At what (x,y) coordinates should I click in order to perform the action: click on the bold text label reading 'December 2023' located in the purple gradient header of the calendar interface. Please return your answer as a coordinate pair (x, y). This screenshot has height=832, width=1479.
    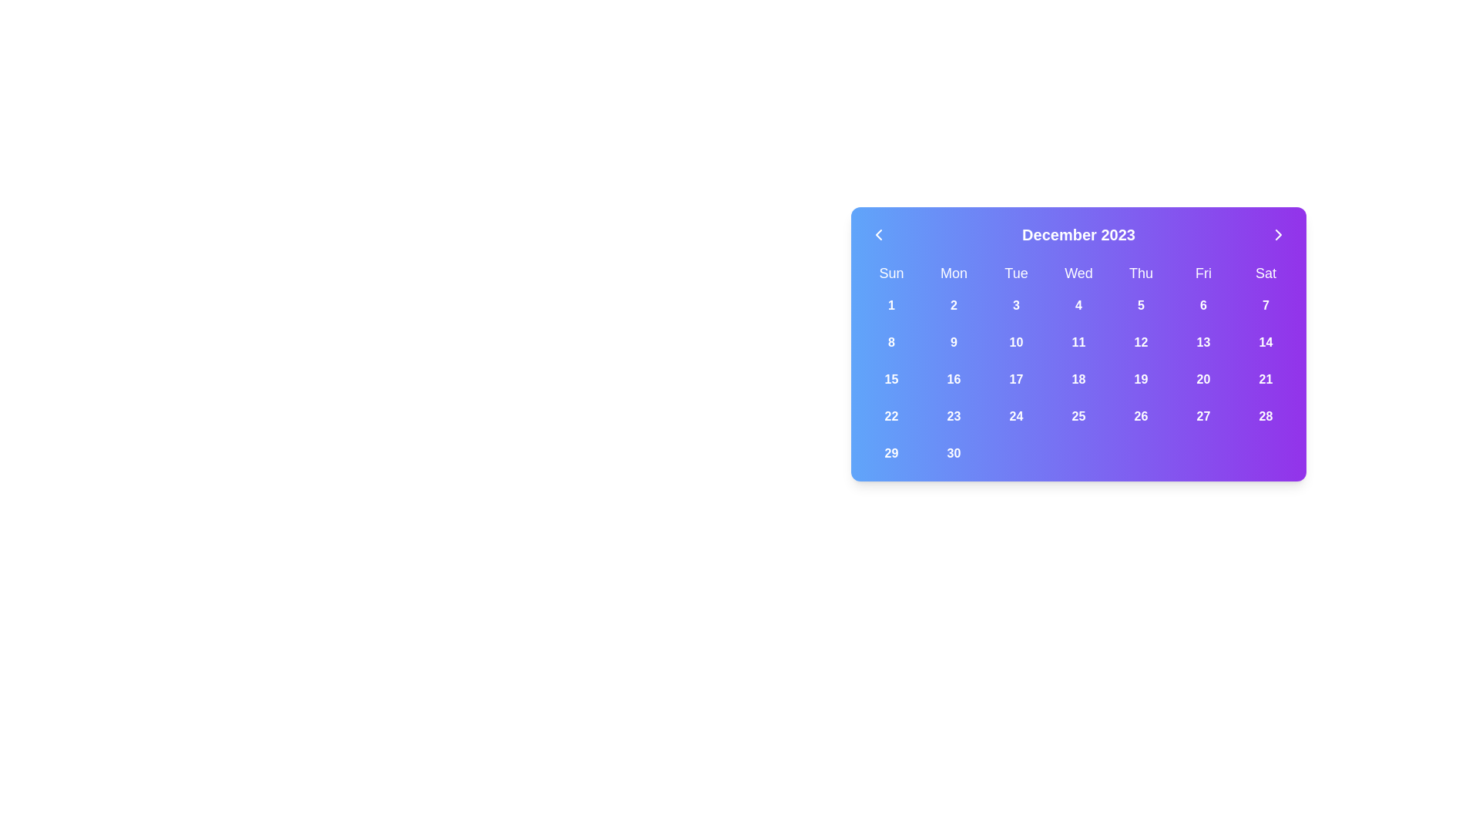
    Looking at the image, I should click on (1078, 234).